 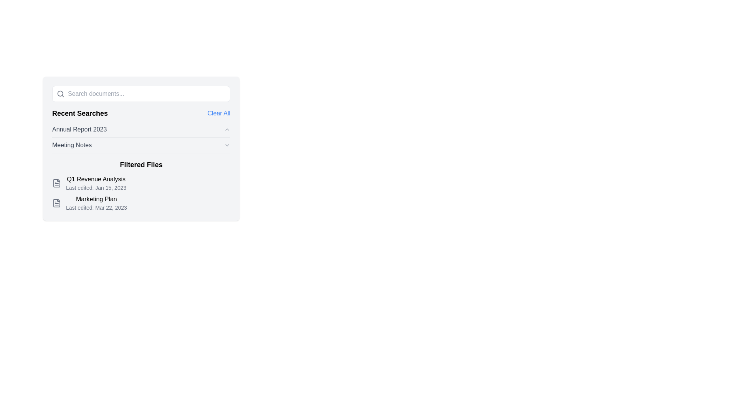 What do you see at coordinates (141, 193) in the screenshot?
I see `the List of items with metadata located under the 'Filtered Files' section` at bounding box center [141, 193].